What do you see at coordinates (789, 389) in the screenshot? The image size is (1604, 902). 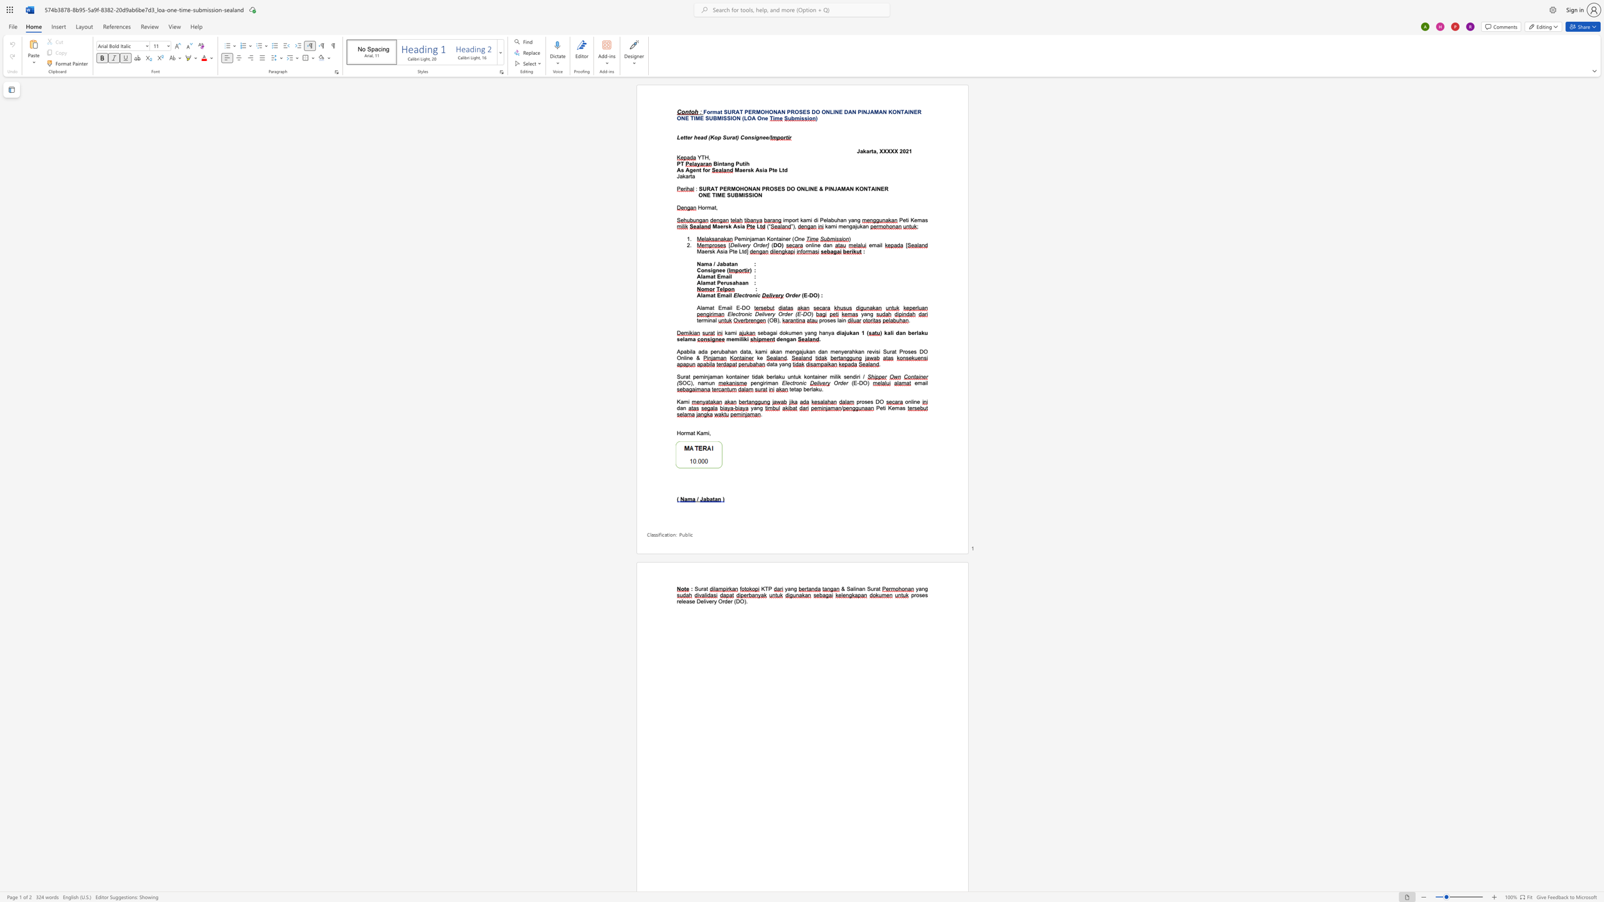 I see `the subset text "tetap b" within the text "tetap berlaku."` at bounding box center [789, 389].